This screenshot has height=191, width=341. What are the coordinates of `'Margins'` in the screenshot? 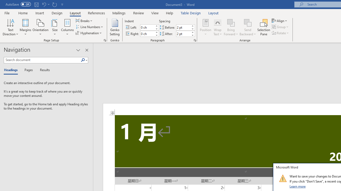 It's located at (25, 27).